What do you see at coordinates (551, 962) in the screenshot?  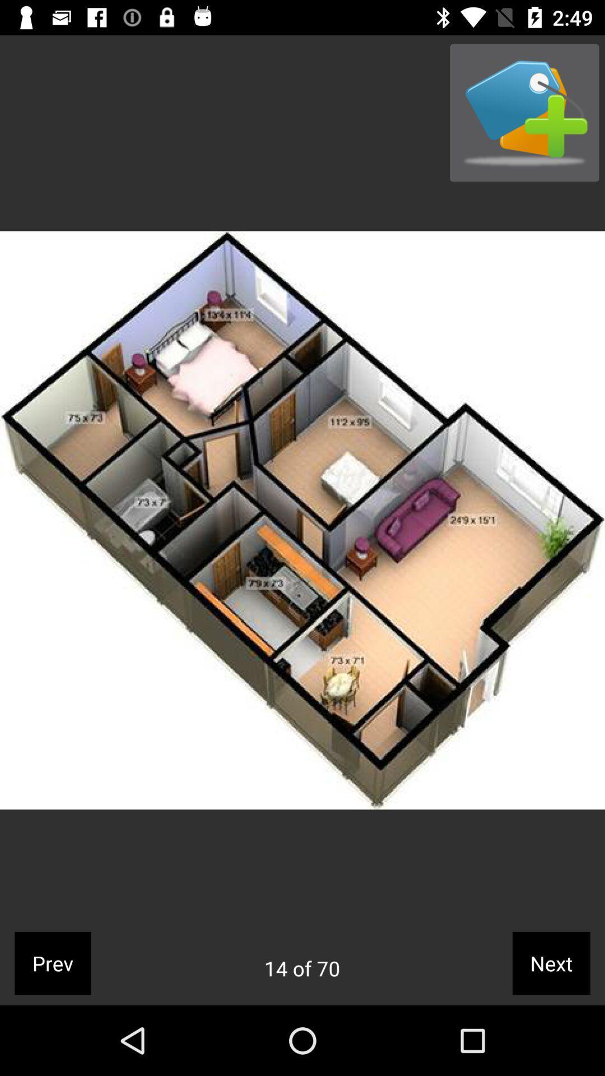 I see `the icon next to the 14 of 70 item` at bounding box center [551, 962].